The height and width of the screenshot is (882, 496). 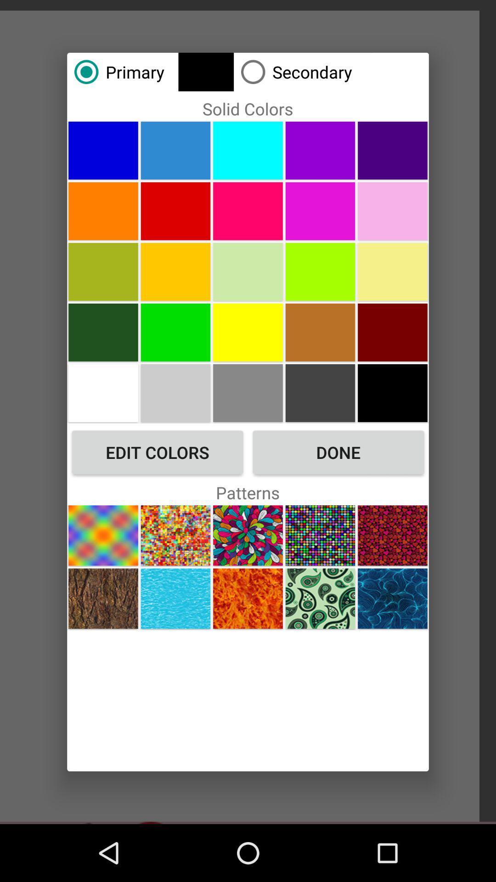 I want to click on the color black, so click(x=393, y=393).